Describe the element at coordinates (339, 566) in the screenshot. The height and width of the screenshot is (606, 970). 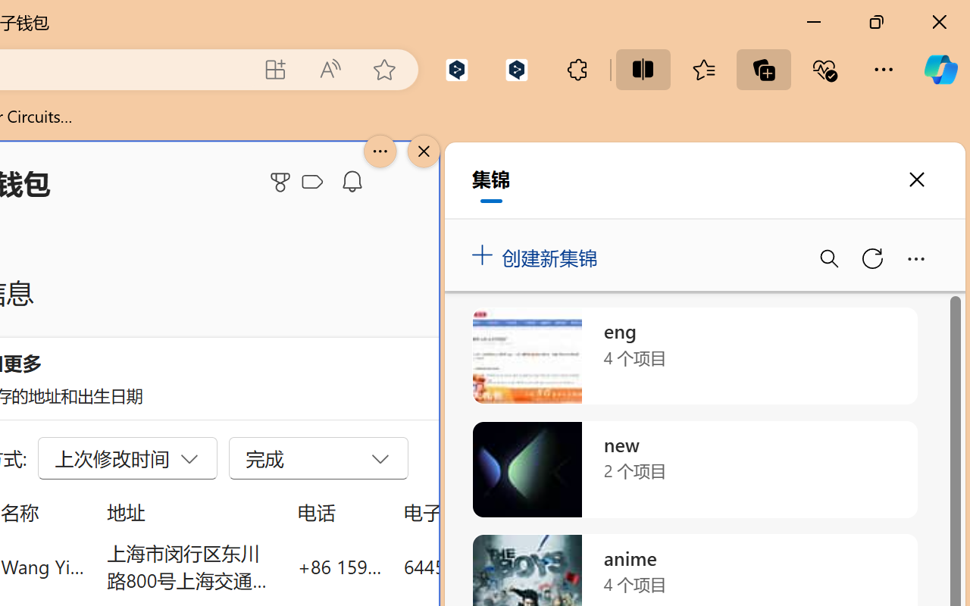
I see `'+86 159 0032 4640'` at that location.